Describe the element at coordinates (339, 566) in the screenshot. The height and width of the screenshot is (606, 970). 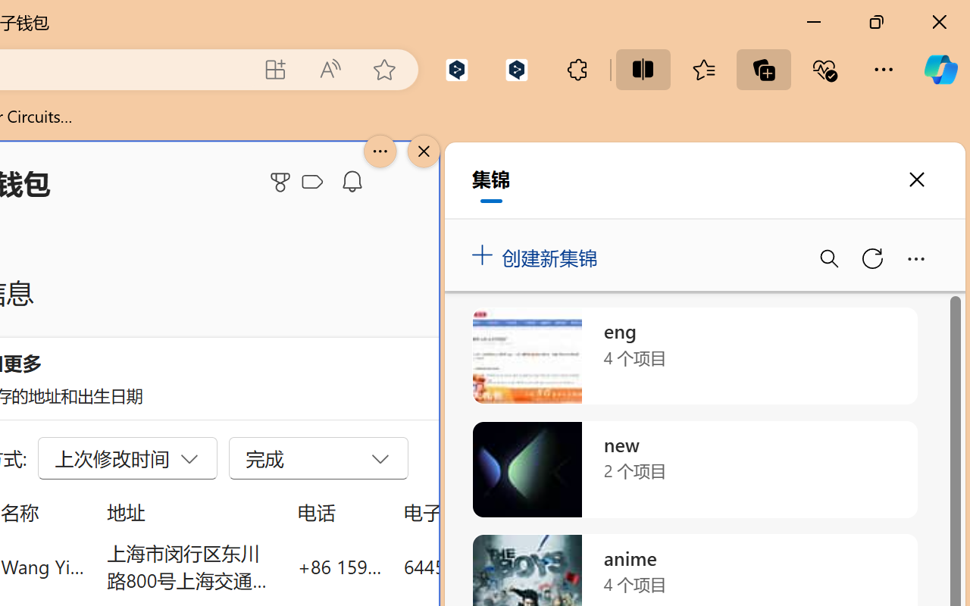
I see `'+86 159 0032 4640'` at that location.